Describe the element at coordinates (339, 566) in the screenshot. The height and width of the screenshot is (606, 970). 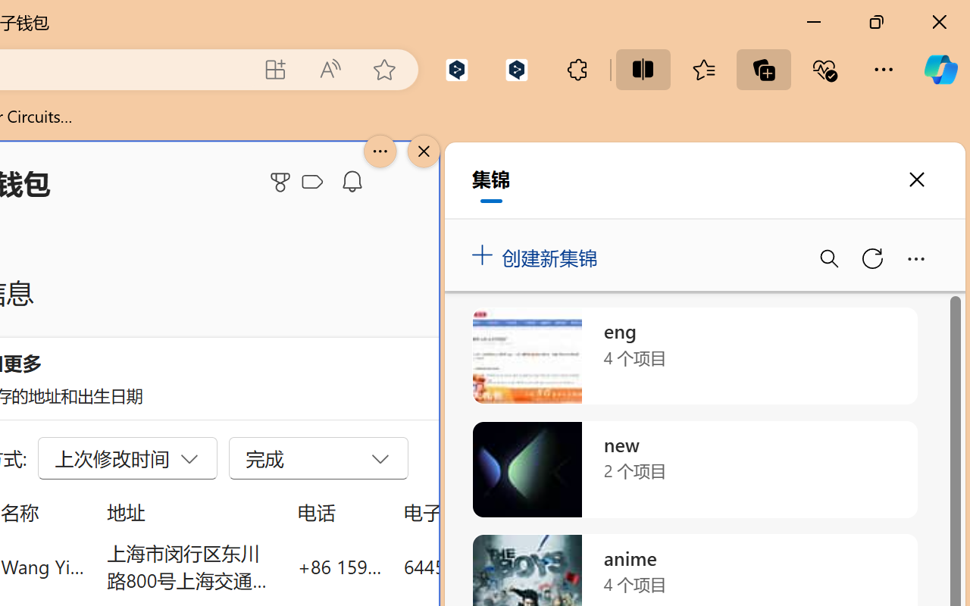
I see `'+86 159 0032 4640'` at that location.